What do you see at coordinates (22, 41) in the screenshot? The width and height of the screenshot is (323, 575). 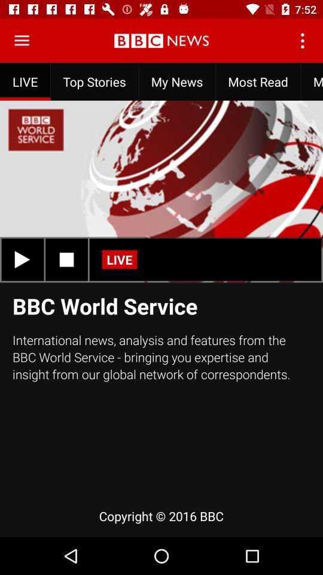 I see `drop down menu items` at bounding box center [22, 41].